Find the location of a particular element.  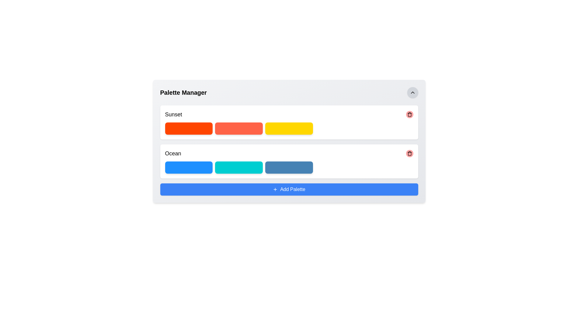

the bright blue rectangular block with rounded corners and shadow effect, labeled 'Ocean' is located at coordinates (188, 168).